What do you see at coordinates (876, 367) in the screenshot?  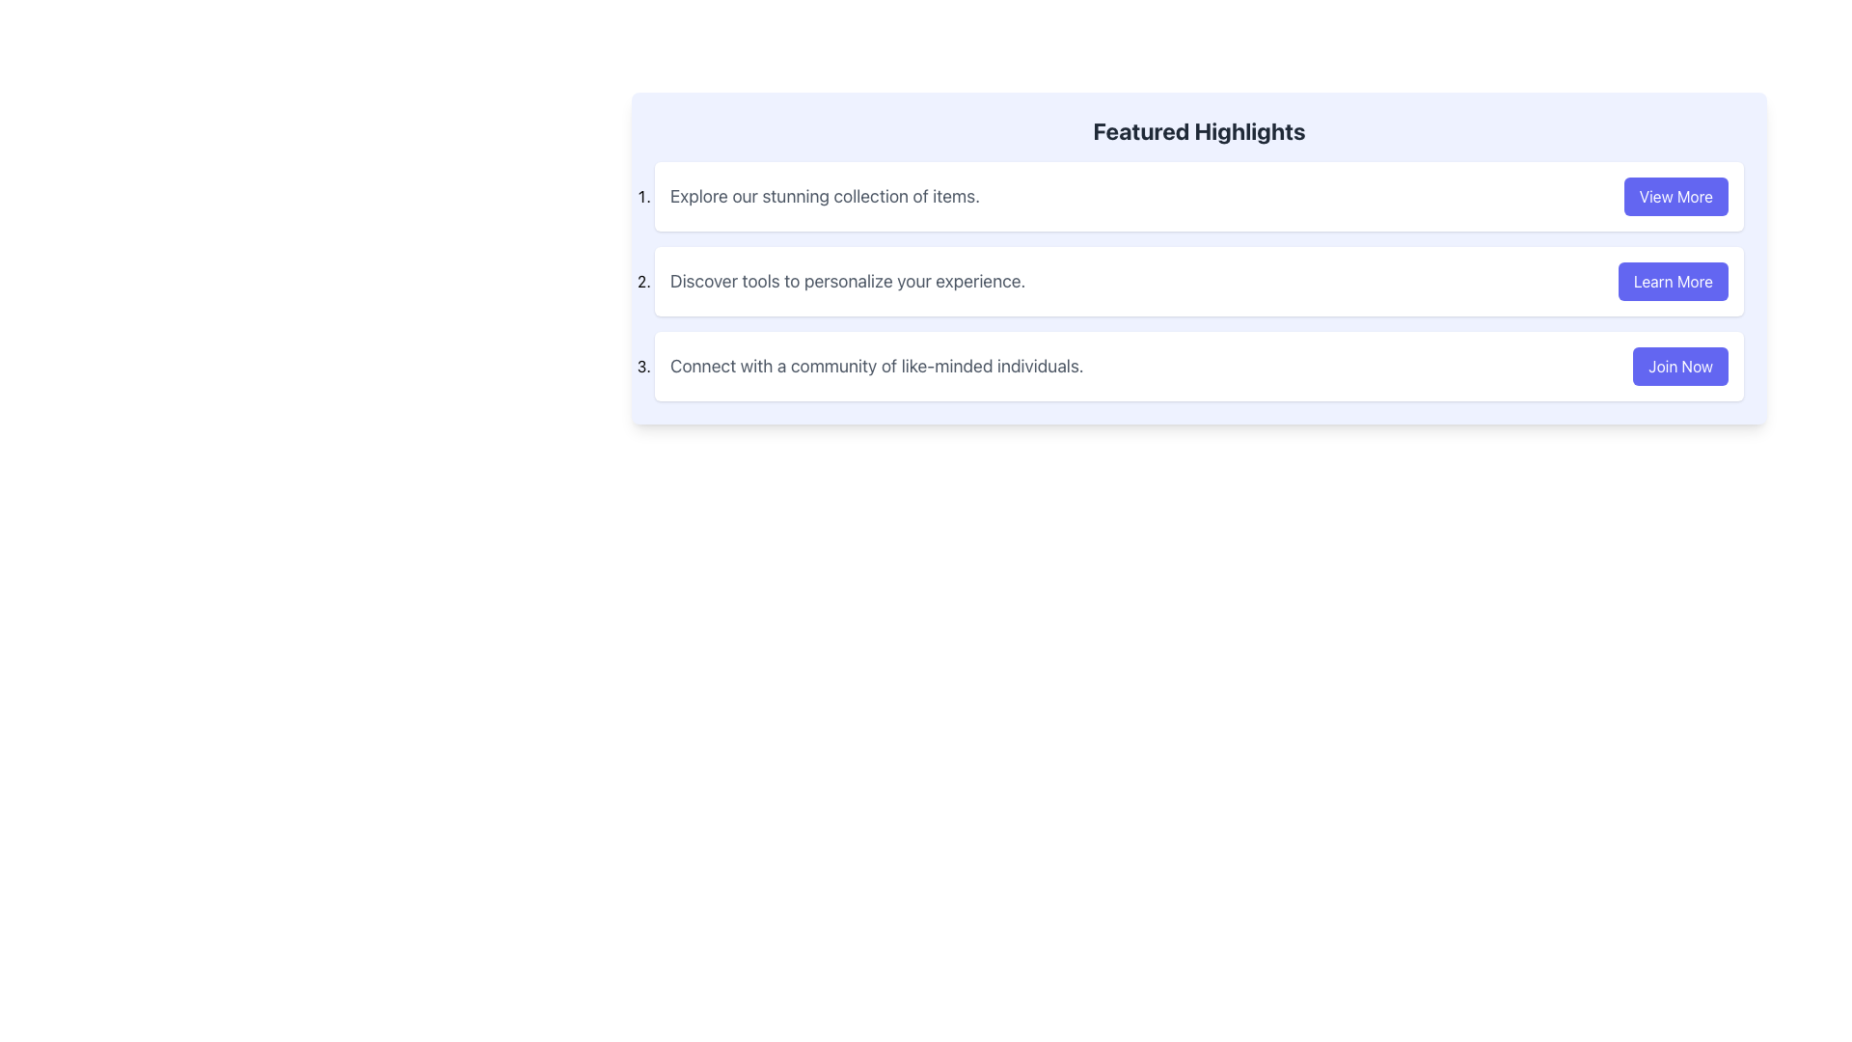 I see `the informational Text Label located to the left of the 'Join Now' button, which is the third item in a vertical list` at bounding box center [876, 367].